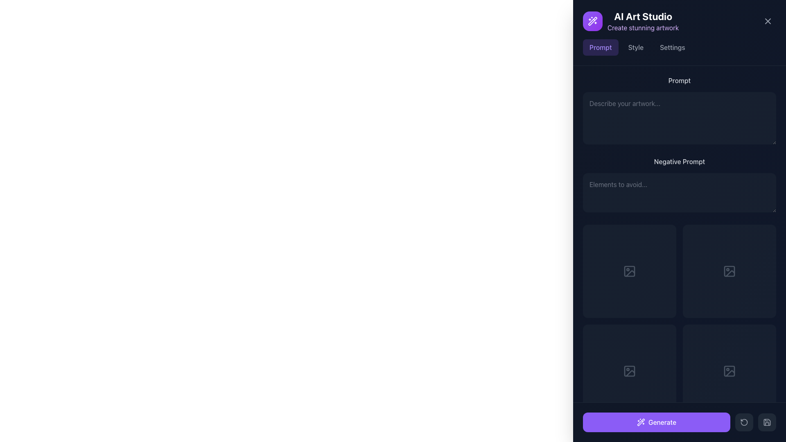 The width and height of the screenshot is (786, 442). Describe the element at coordinates (729, 371) in the screenshot. I see `the square image placeholder icon with a gray background and rounded corners located in the bottom-right corner of a 2x2 grid` at that location.